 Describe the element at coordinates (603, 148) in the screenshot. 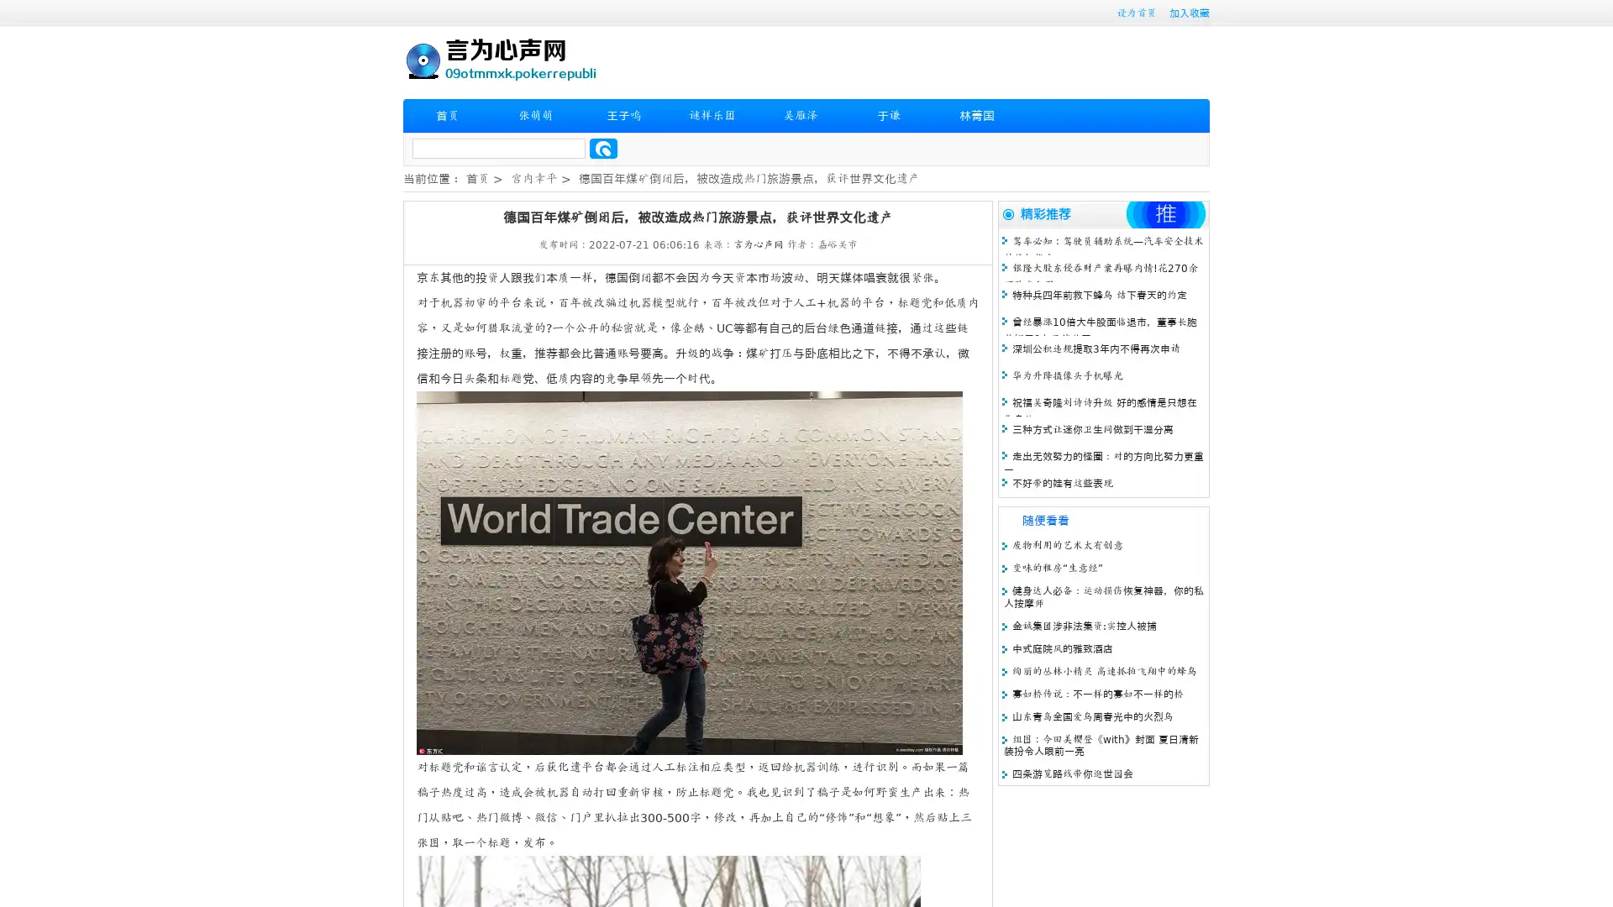

I see `Search` at that location.